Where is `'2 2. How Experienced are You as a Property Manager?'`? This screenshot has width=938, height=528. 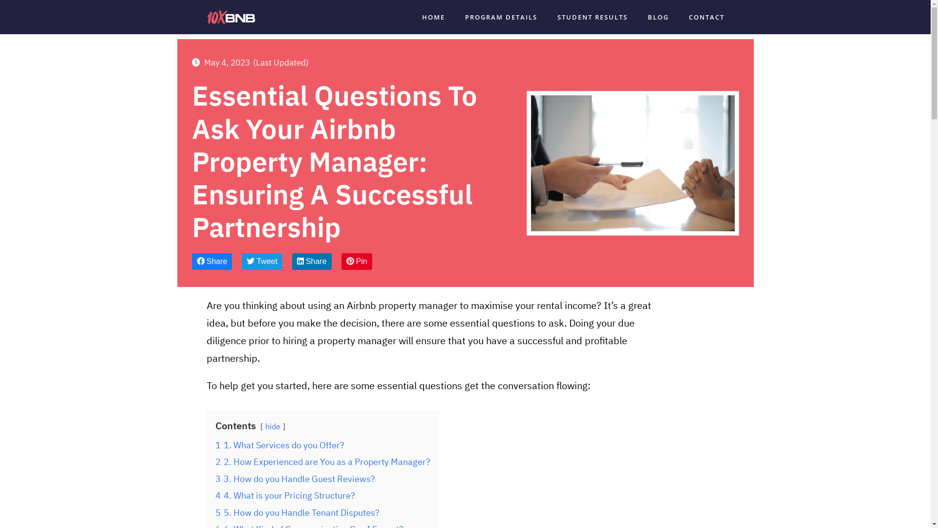
'2 2. How Experienced are You as a Property Manager?' is located at coordinates (322, 462).